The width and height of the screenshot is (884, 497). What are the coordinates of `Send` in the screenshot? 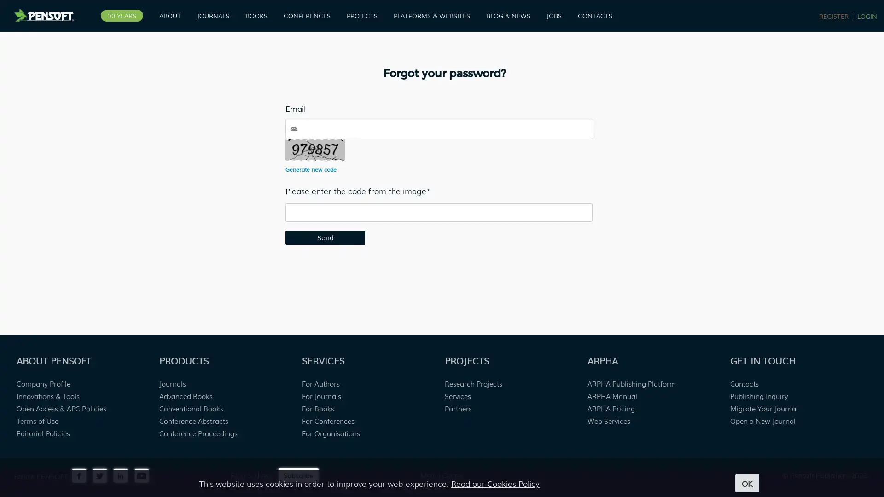 It's located at (325, 237).